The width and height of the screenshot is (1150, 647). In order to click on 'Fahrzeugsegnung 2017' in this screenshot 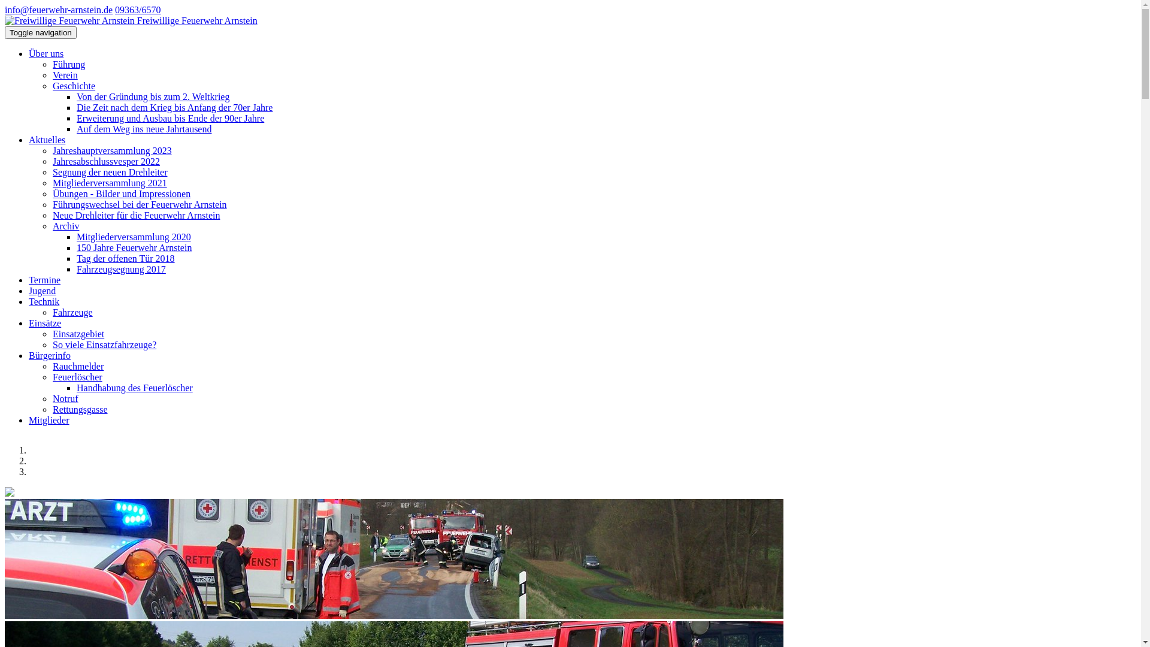, I will do `click(121, 268)`.